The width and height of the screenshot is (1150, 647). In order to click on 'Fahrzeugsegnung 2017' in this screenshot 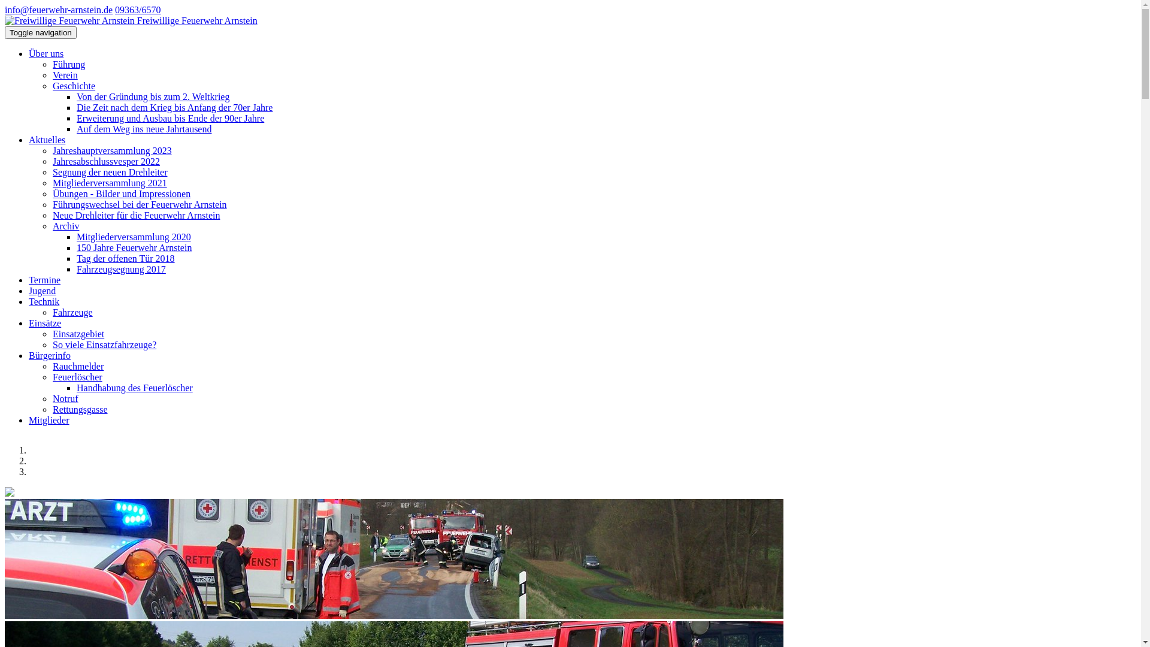, I will do `click(121, 268)`.